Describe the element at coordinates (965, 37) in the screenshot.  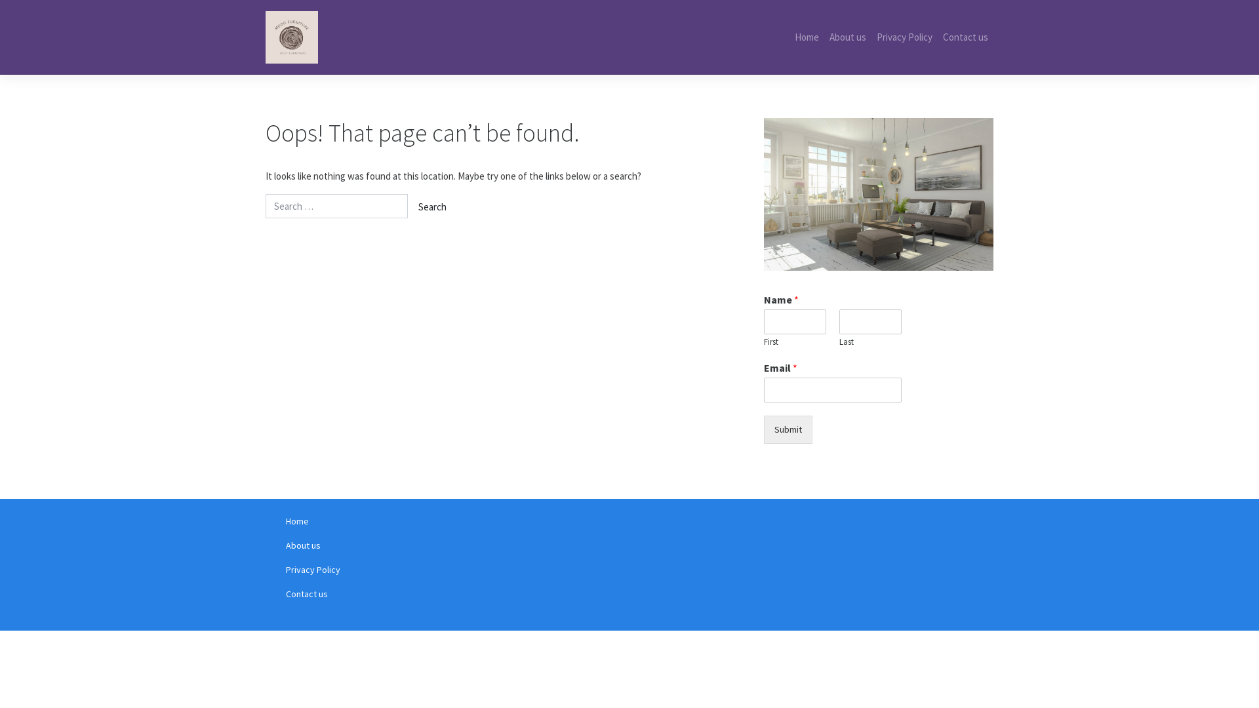
I see `'Contact us'` at that location.